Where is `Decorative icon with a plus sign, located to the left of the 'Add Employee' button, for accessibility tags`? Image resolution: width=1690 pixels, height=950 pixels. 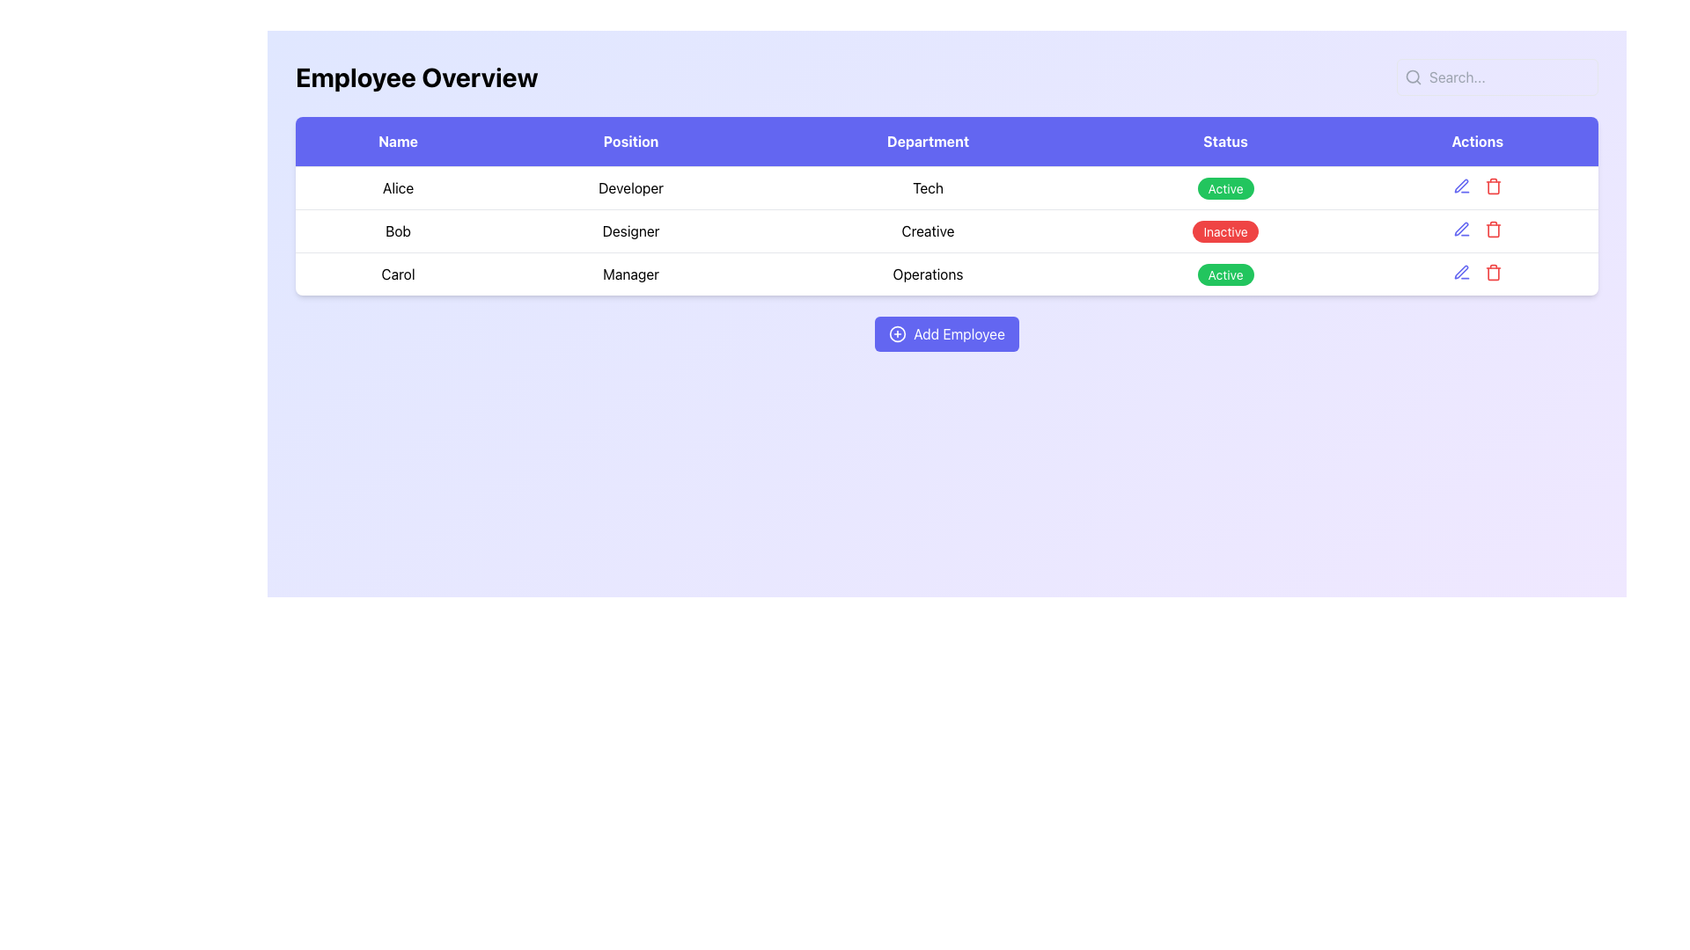
Decorative icon with a plus sign, located to the left of the 'Add Employee' button, for accessibility tags is located at coordinates (897, 334).